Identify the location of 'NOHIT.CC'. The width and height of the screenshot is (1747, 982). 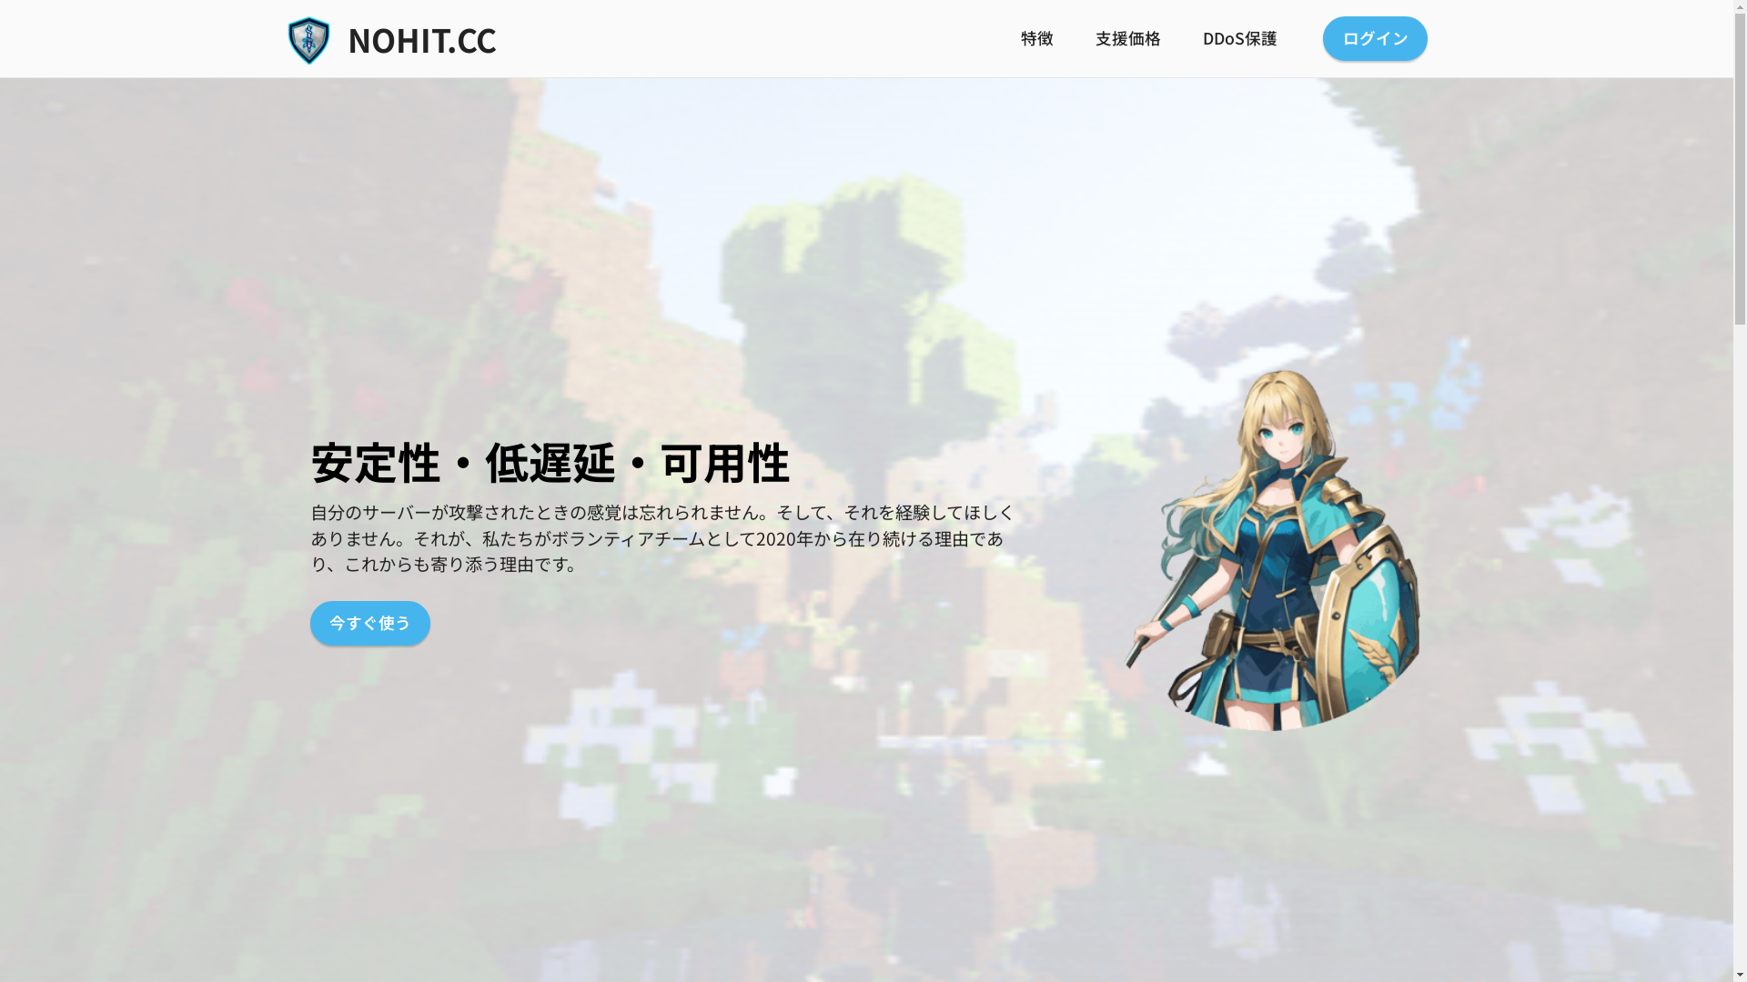
(348, 38).